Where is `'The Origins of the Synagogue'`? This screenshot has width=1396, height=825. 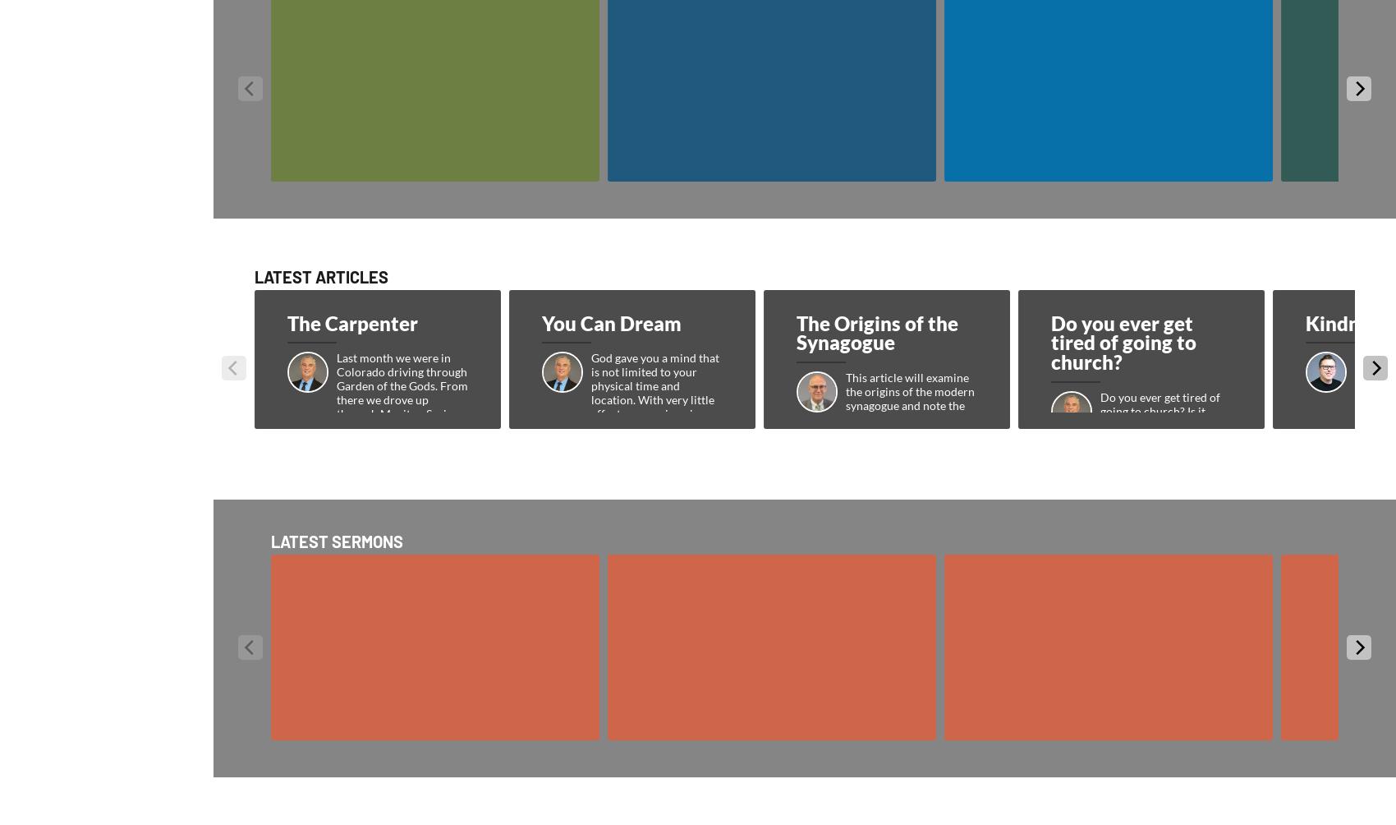 'The Origins of the Synagogue' is located at coordinates (877, 332).